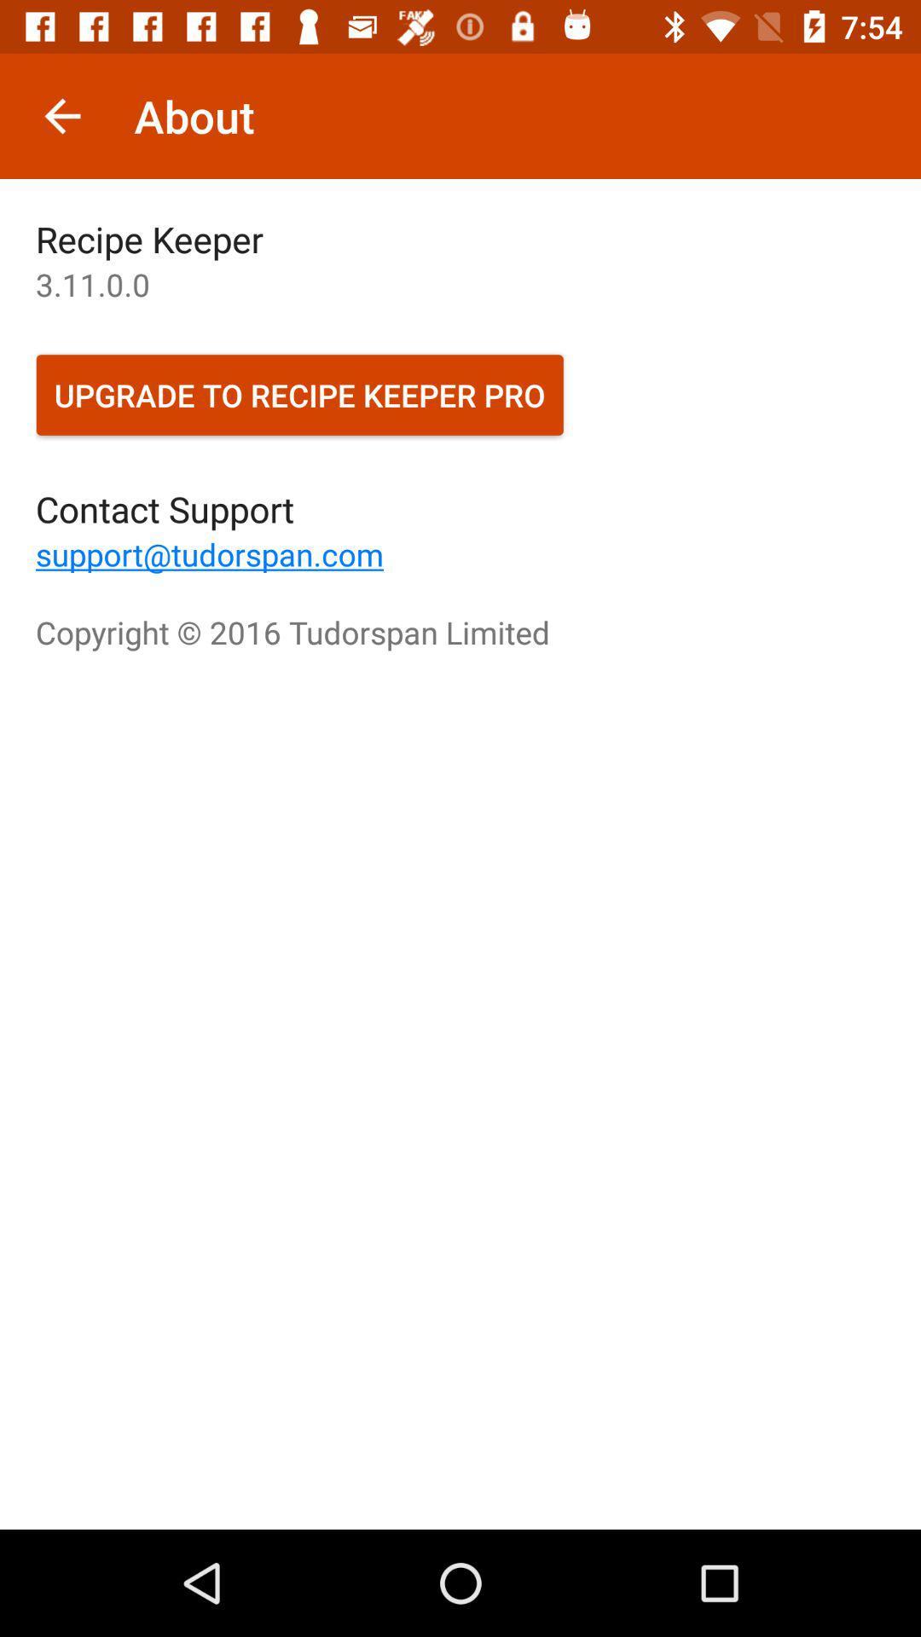 This screenshot has height=1637, width=921. I want to click on upgrade to recipe icon, so click(298, 394).